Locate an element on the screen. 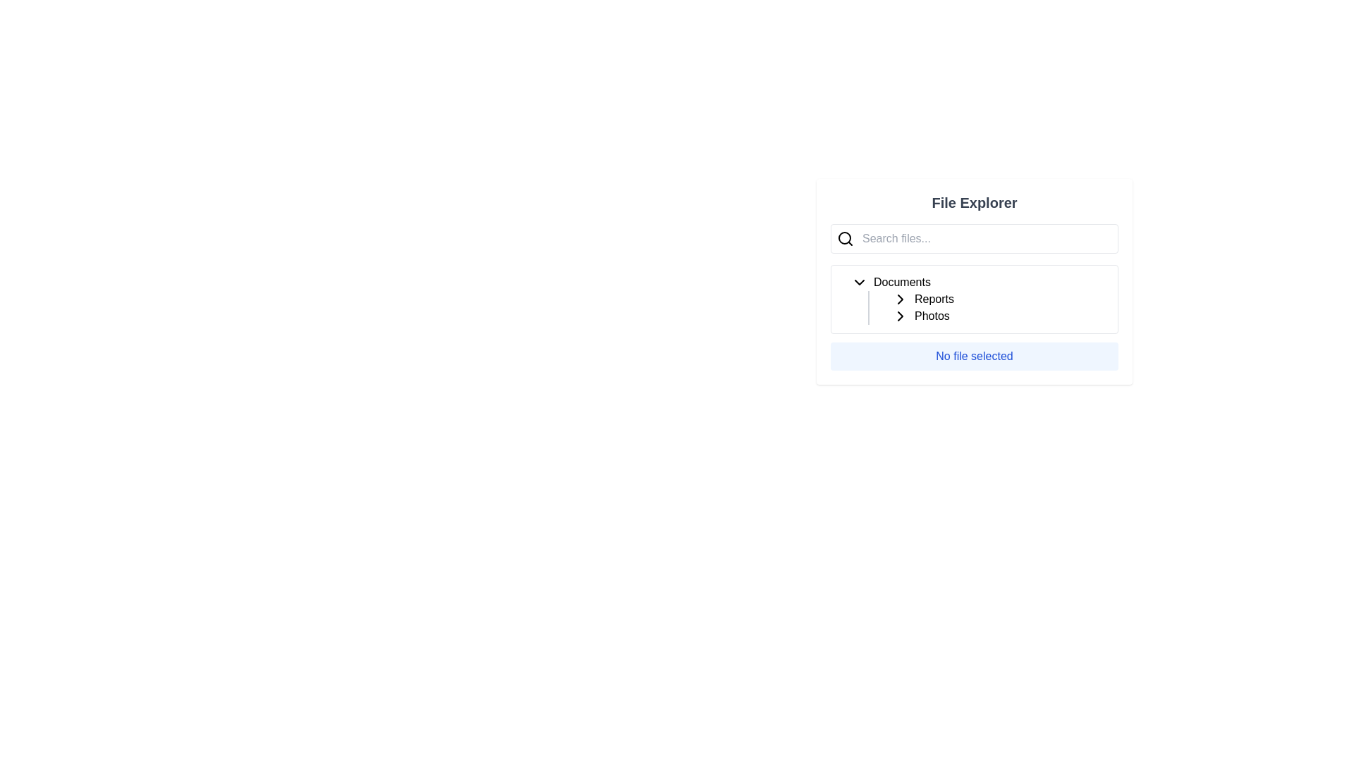  the magnifying glass icon located on the left side of the text input field in the inline search bar to initiate a search is located at coordinates (846, 238).